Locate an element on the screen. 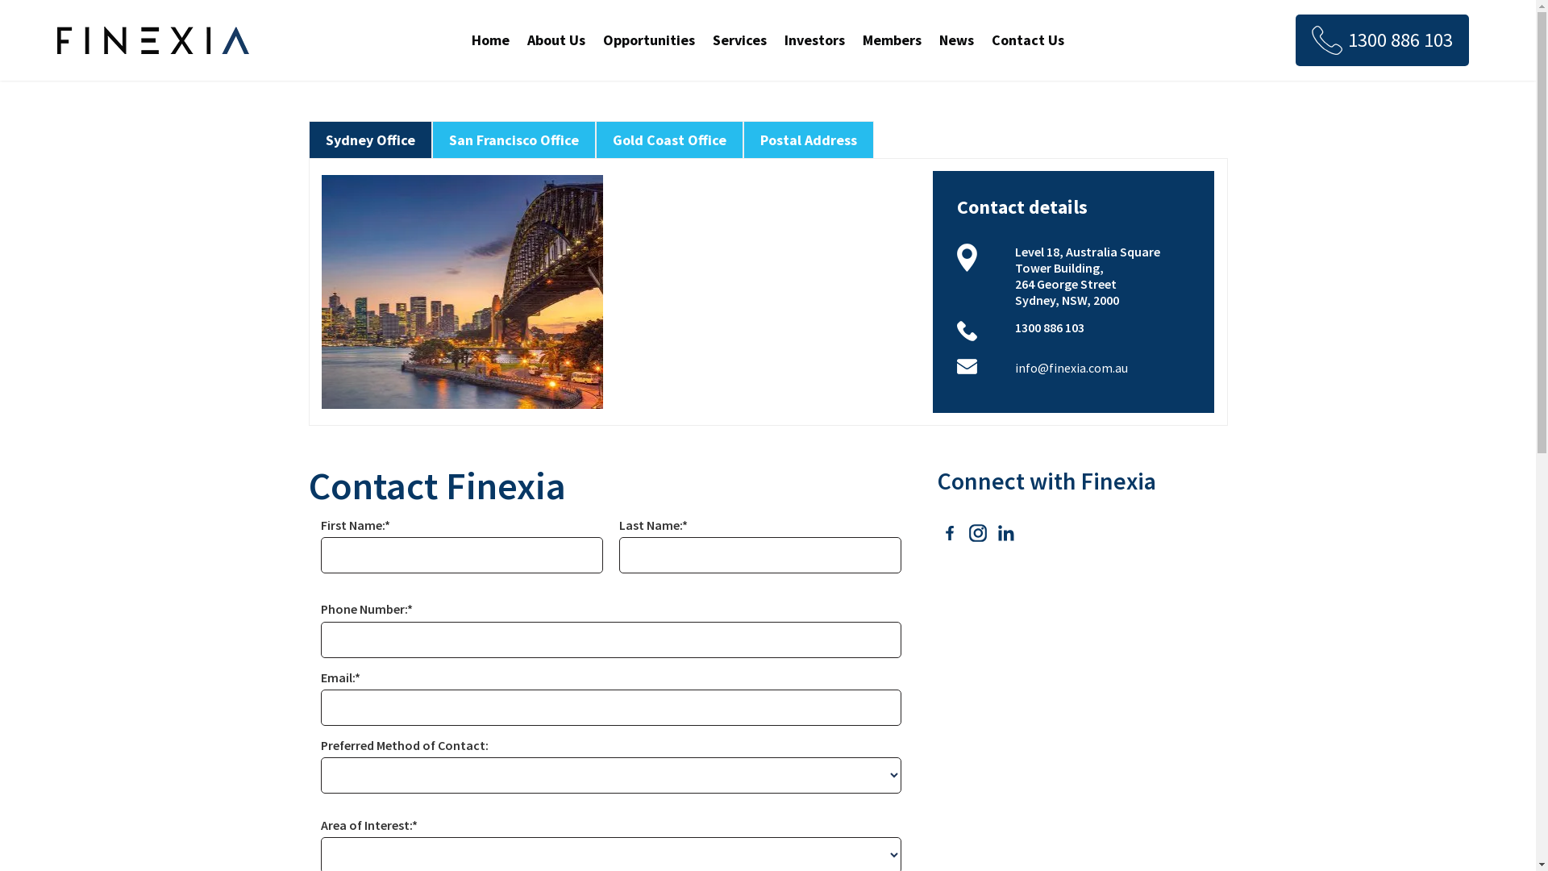 This screenshot has height=871, width=1548. 'info@finexia.com.au' is located at coordinates (1072, 367).